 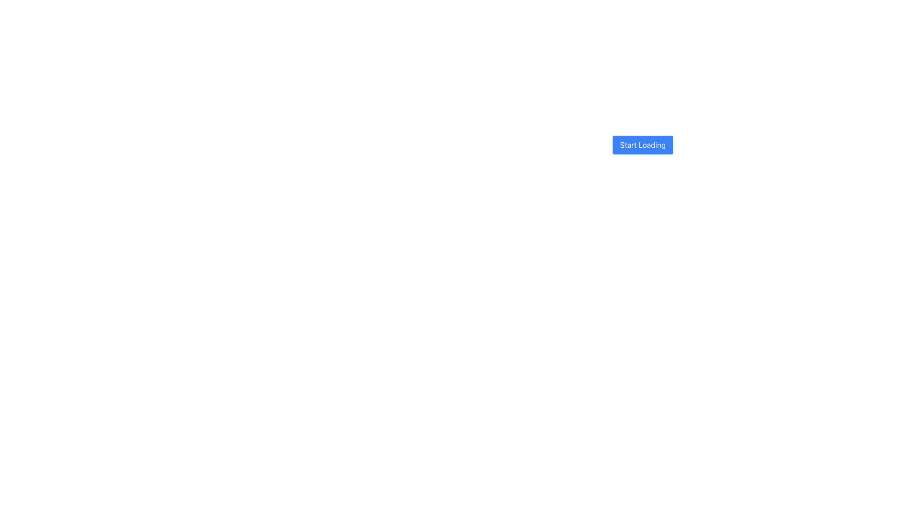 I want to click on the rectangular button with rounded corners, blue background, and white text that reads 'Start Loading' to observe the scaling effect, so click(x=642, y=145).